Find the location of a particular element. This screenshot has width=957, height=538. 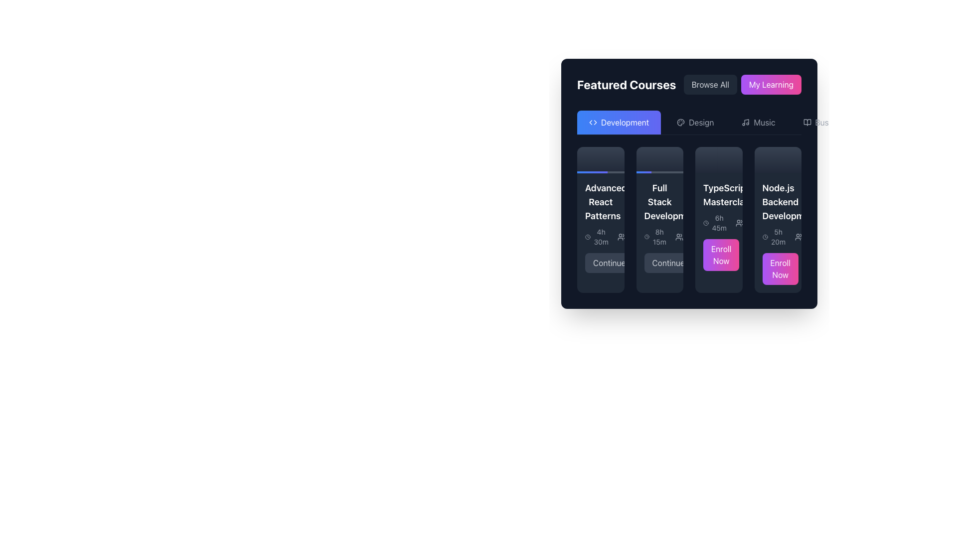

the interactive items within the 'Featured Courses' grid under the 'Development' tab by clicking on the center point is located at coordinates (688, 219).